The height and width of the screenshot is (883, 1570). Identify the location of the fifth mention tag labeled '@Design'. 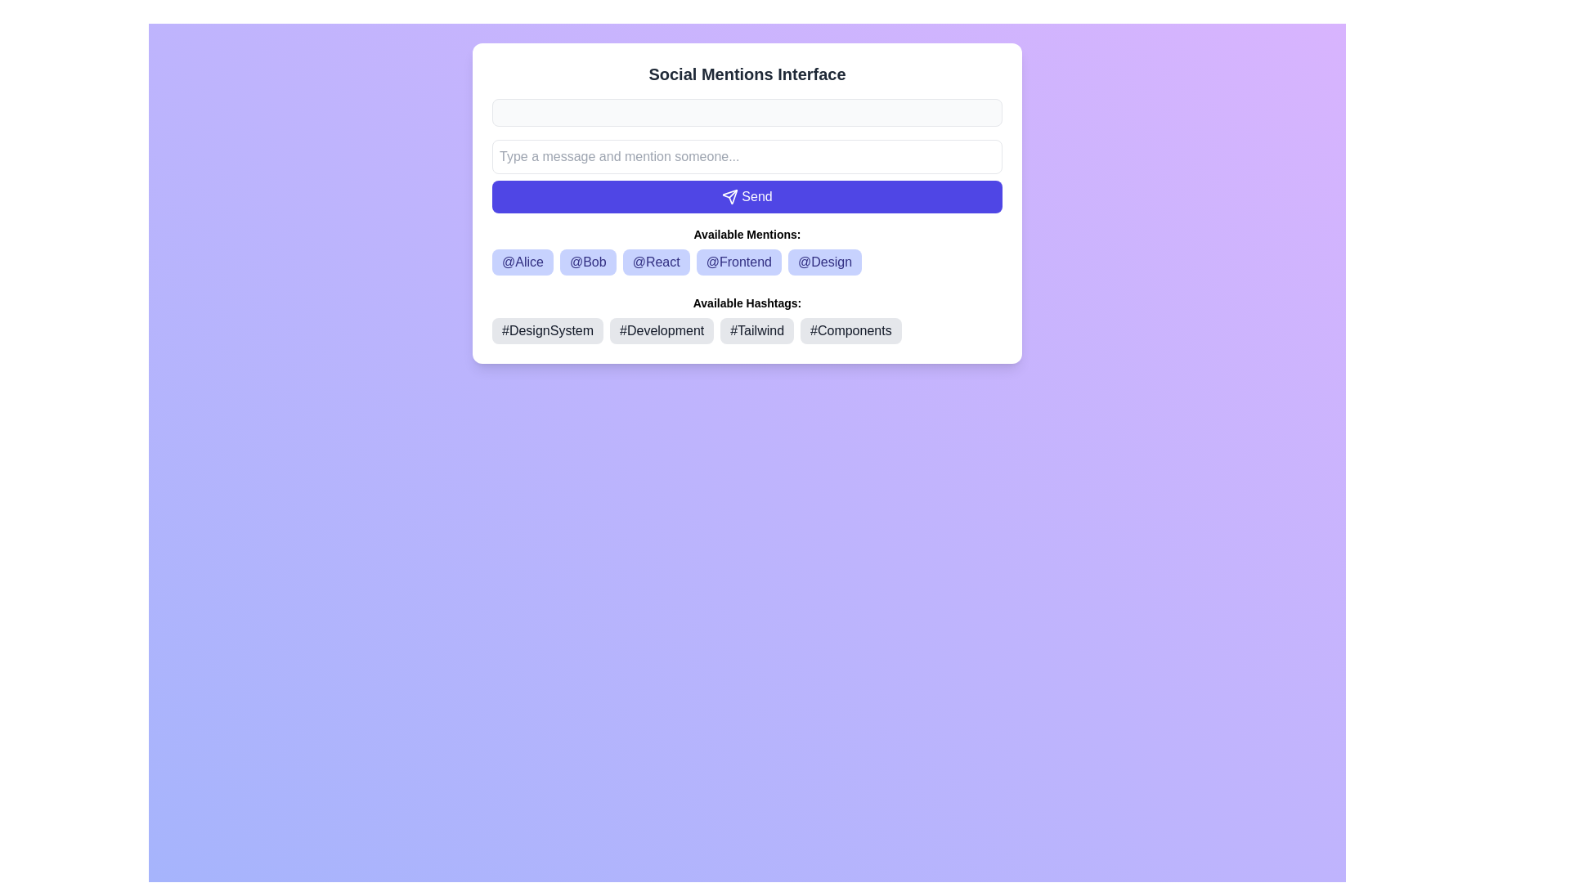
(824, 261).